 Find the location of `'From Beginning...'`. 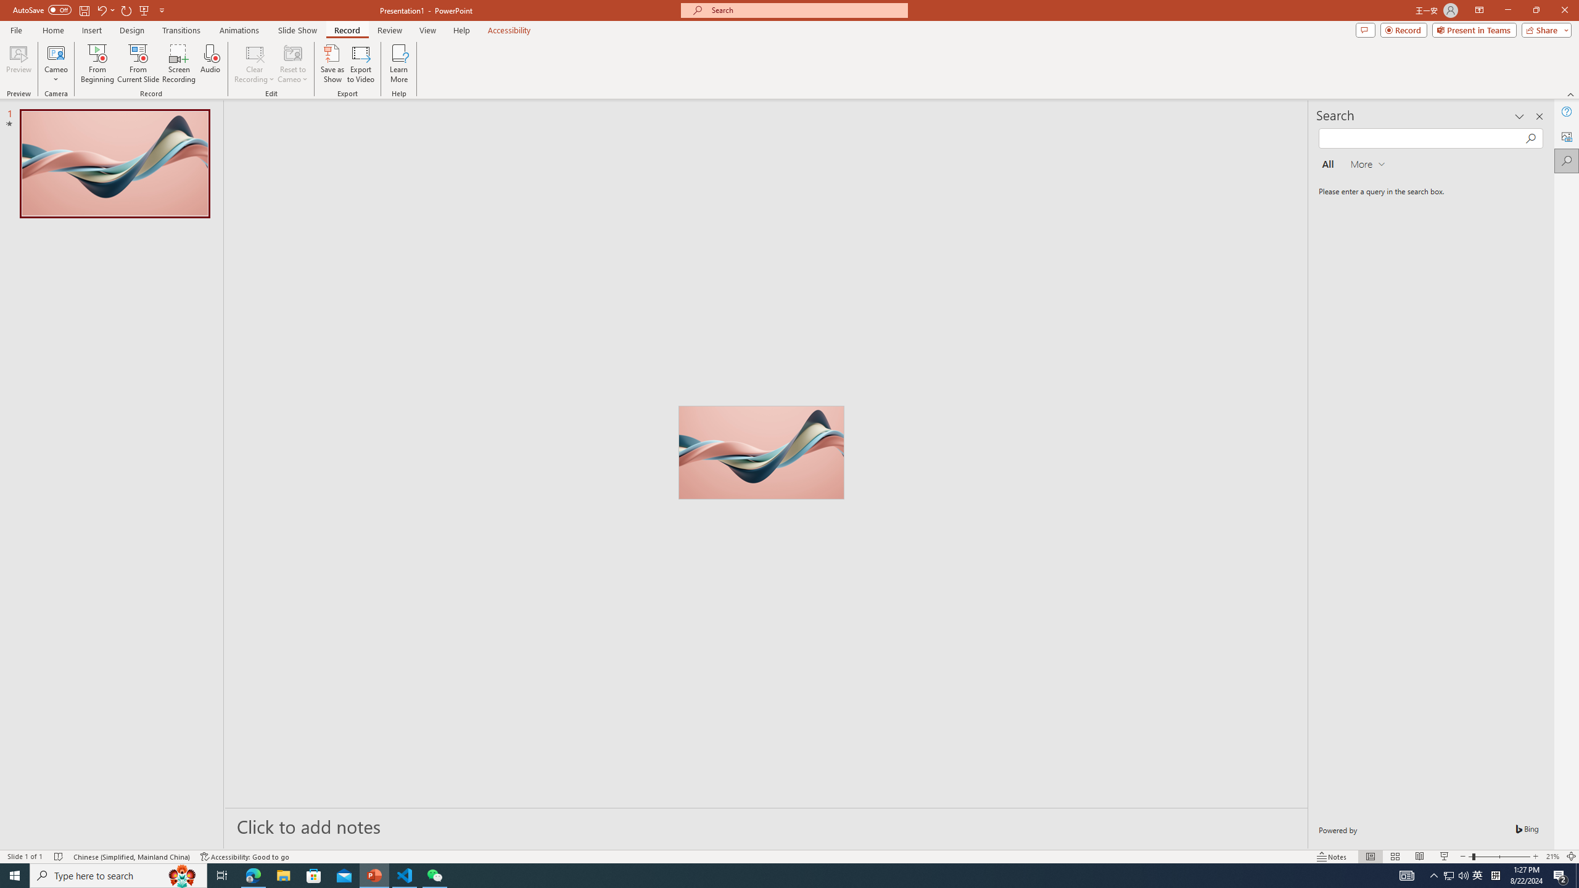

'From Beginning...' is located at coordinates (96, 64).